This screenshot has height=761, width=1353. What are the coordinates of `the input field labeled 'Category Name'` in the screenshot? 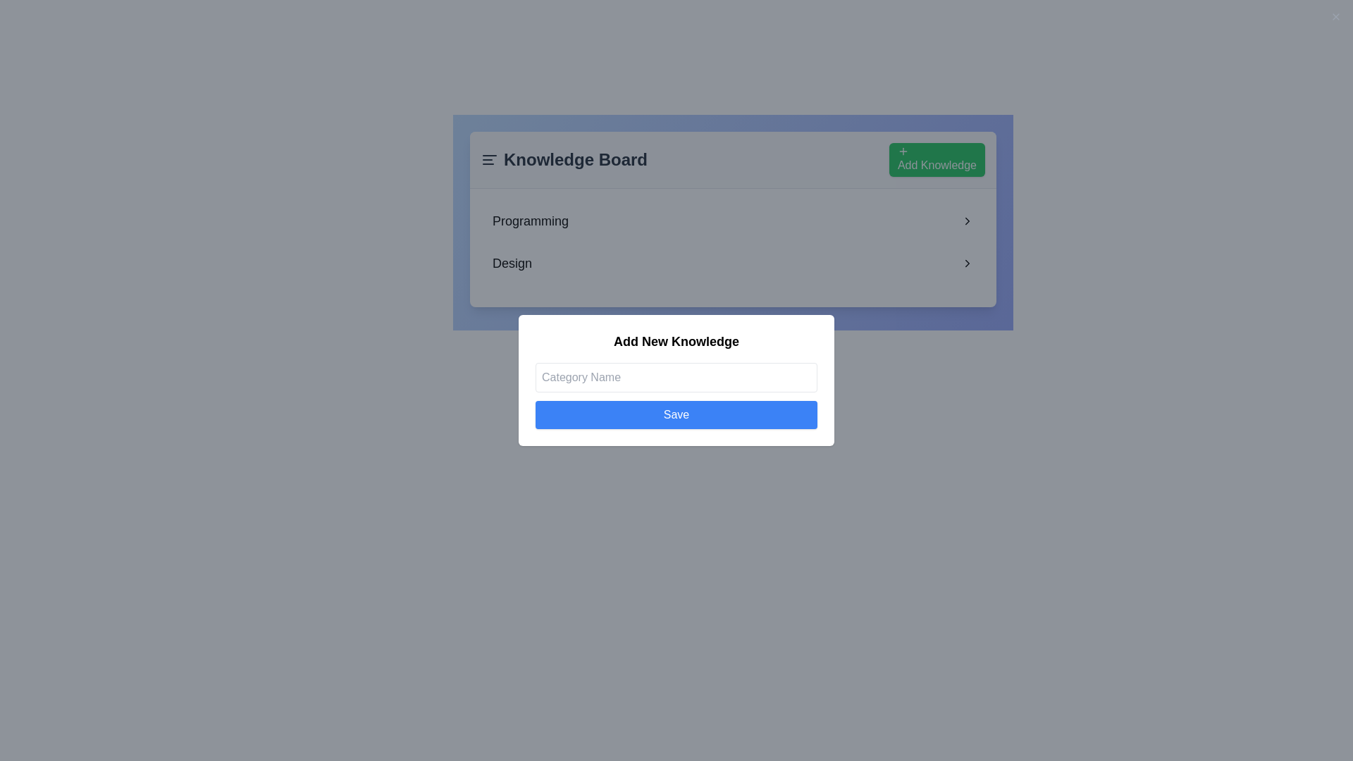 It's located at (676, 377).